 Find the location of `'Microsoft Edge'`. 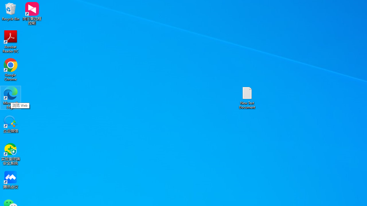

'Microsoft Edge' is located at coordinates (11, 97).